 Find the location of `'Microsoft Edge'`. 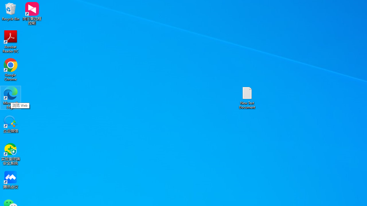

'Microsoft Edge' is located at coordinates (11, 97).